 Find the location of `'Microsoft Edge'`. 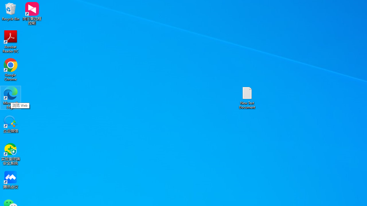

'Microsoft Edge' is located at coordinates (11, 97).